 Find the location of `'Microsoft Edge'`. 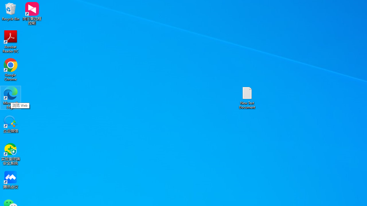

'Microsoft Edge' is located at coordinates (11, 97).